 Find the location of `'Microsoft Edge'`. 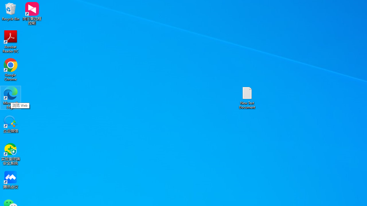

'Microsoft Edge' is located at coordinates (11, 97).